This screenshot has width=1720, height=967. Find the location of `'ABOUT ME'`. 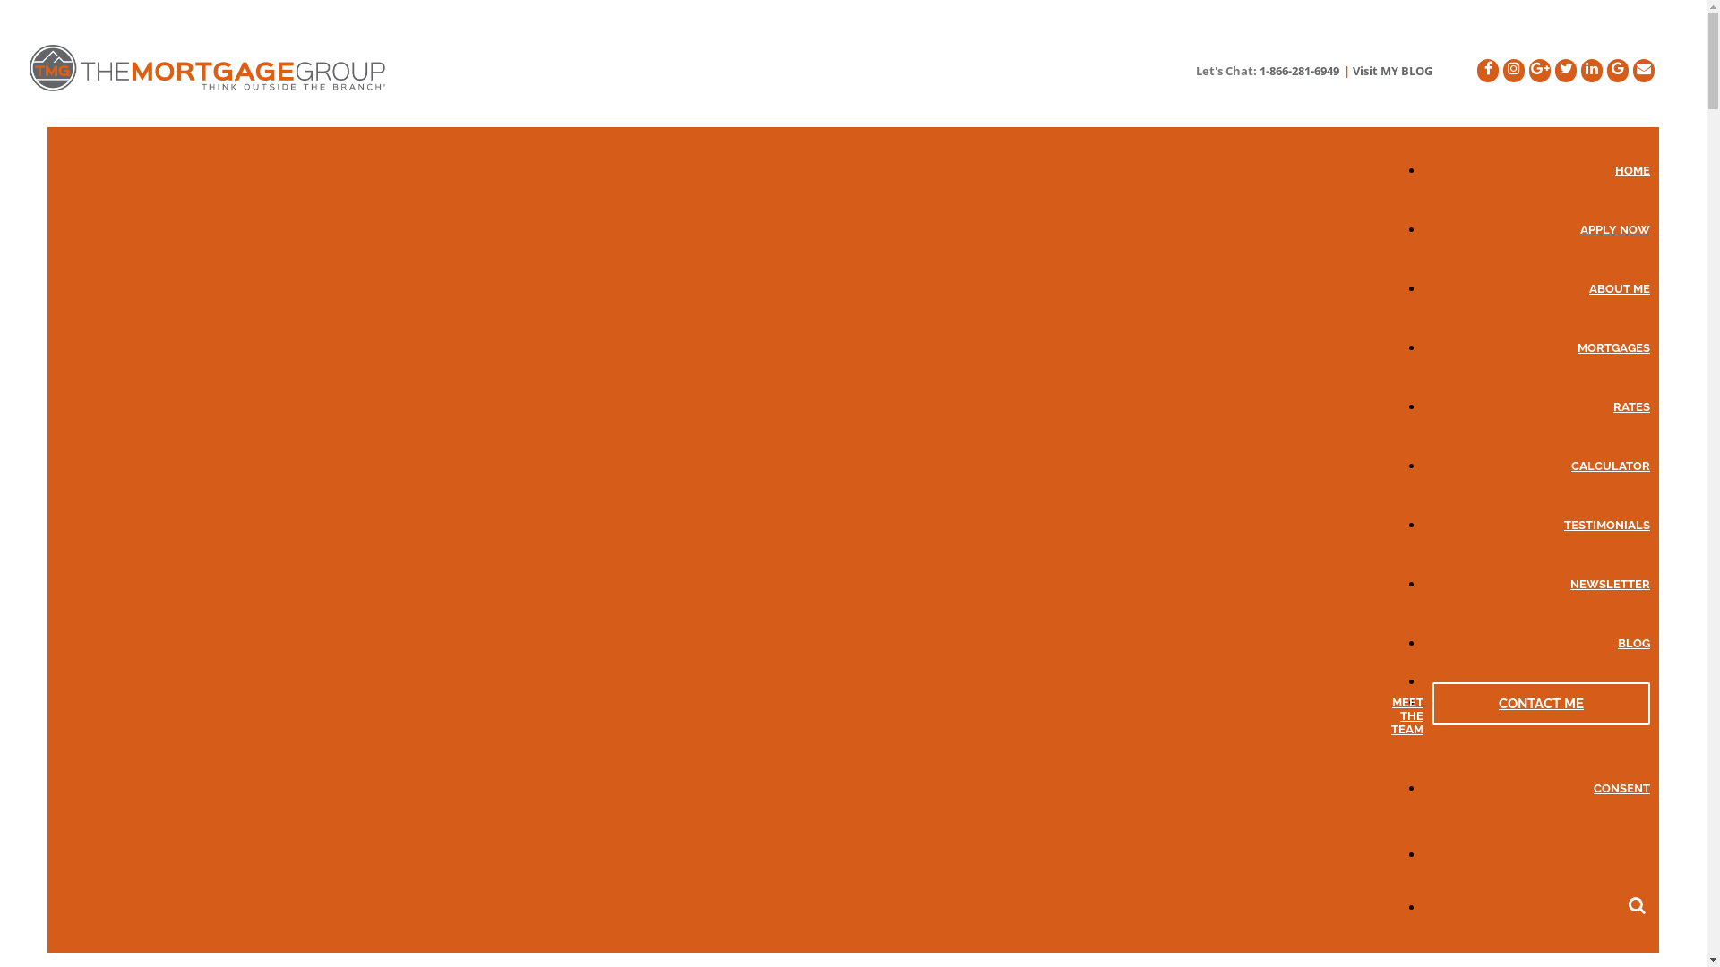

'ABOUT ME' is located at coordinates (1535, 285).